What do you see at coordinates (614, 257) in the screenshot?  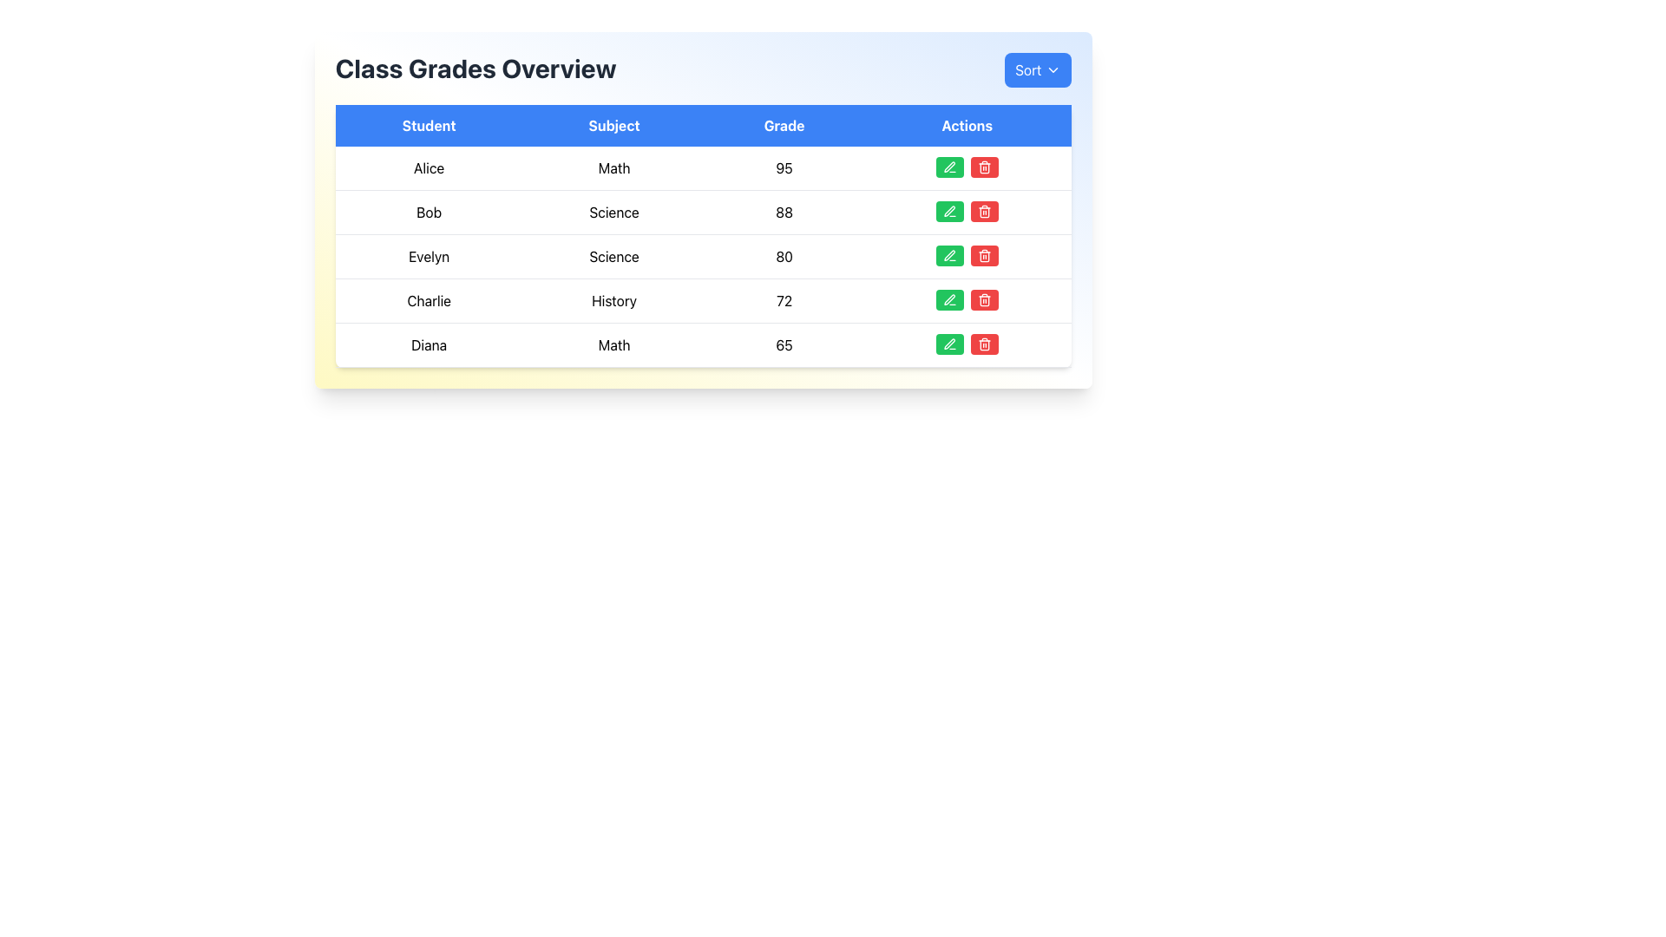 I see `the static text label representing the subject in the third row and second column of the class grades table` at bounding box center [614, 257].